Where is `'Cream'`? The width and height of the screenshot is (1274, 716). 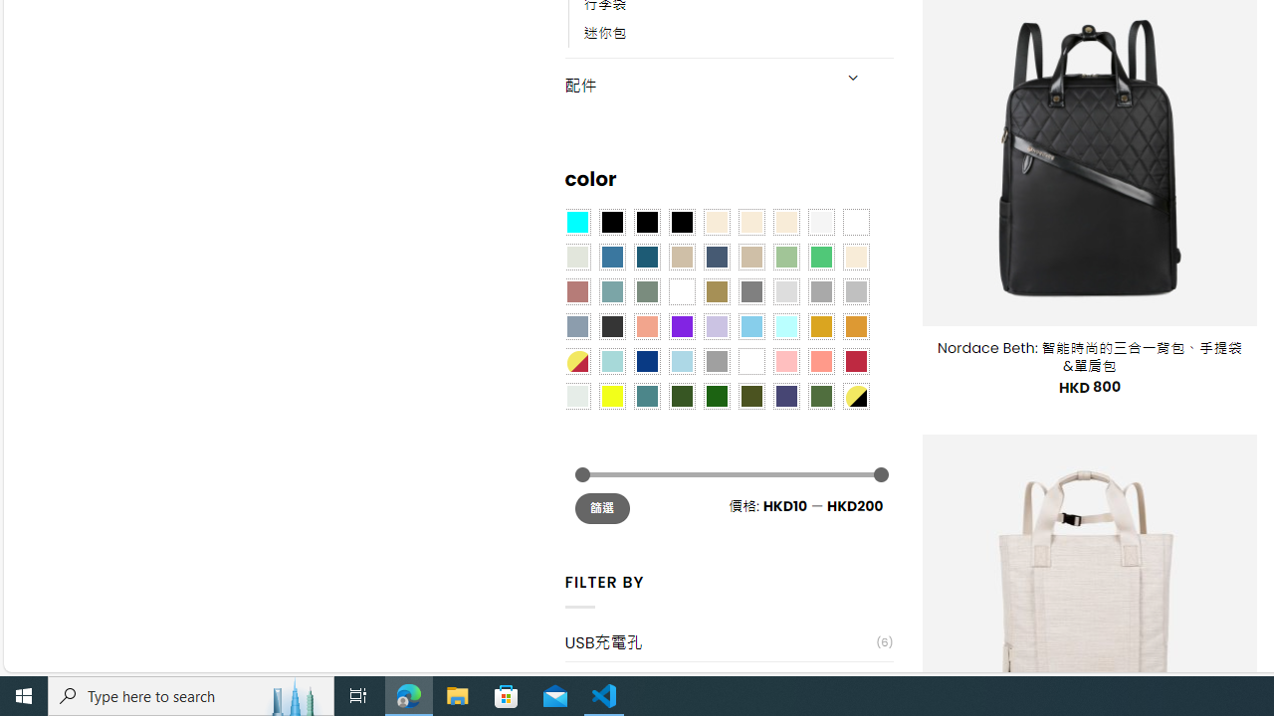 'Cream' is located at coordinates (784, 222).